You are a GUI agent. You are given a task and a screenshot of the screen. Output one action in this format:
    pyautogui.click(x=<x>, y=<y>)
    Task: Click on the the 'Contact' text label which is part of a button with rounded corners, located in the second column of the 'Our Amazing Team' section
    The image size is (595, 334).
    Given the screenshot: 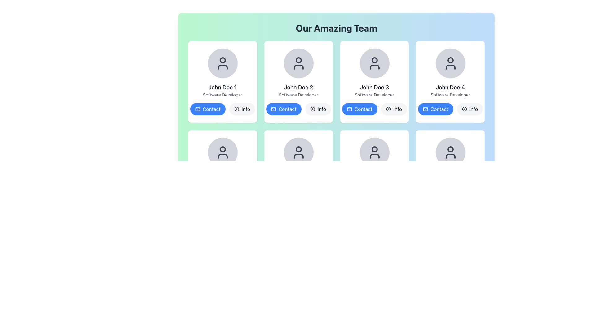 What is the action you would take?
    pyautogui.click(x=287, y=109)
    